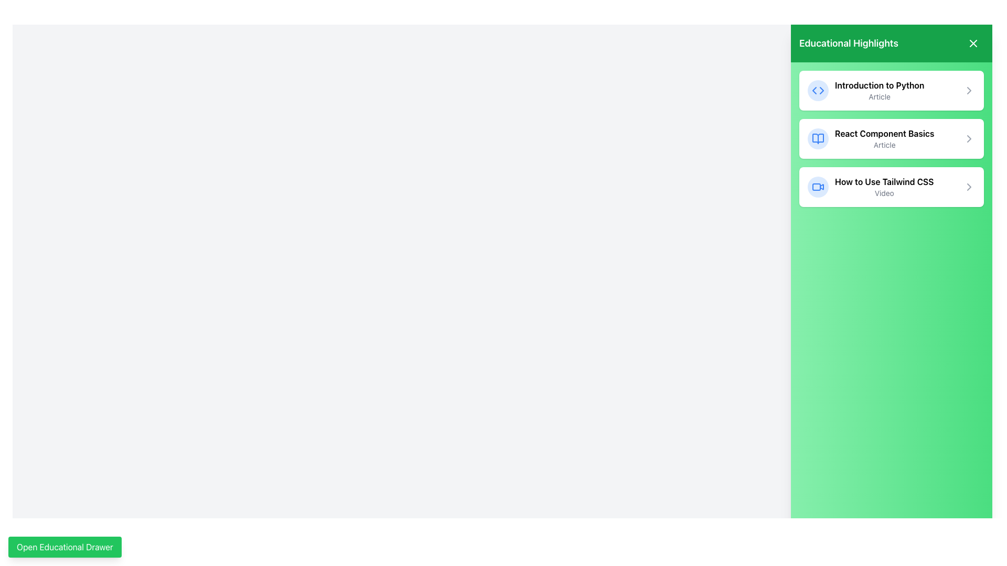  What do you see at coordinates (884, 145) in the screenshot?
I see `the small light gray text label displaying 'Article', which is positioned directly below the title 'React Component Basics' in the Educational Highlights drawer` at bounding box center [884, 145].